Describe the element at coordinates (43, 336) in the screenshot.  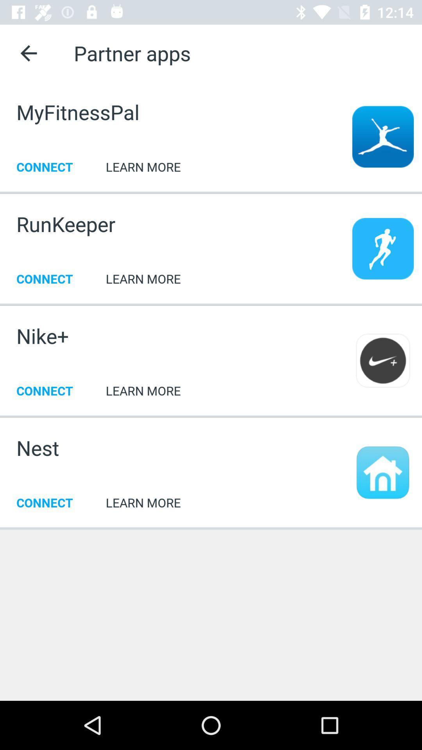
I see `icon to the left of learn more` at that location.